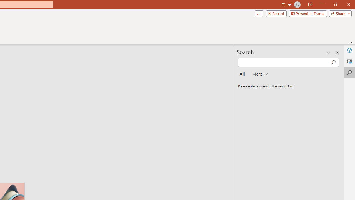 The height and width of the screenshot is (200, 355). I want to click on 'Alt Text', so click(349, 61).